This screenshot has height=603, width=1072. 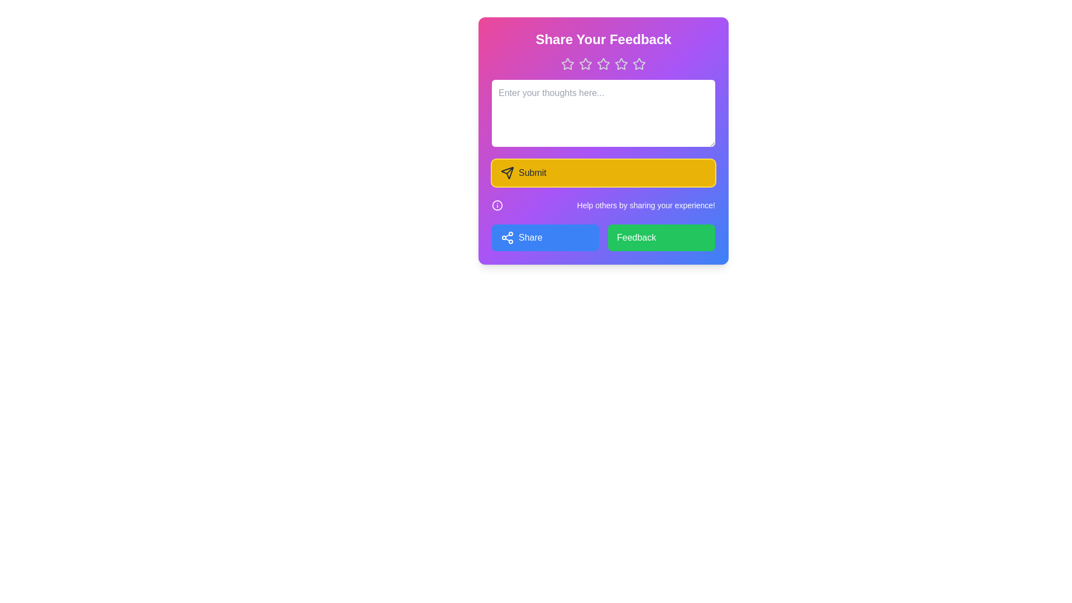 I want to click on the third star icon in the rating system, so click(x=585, y=64).